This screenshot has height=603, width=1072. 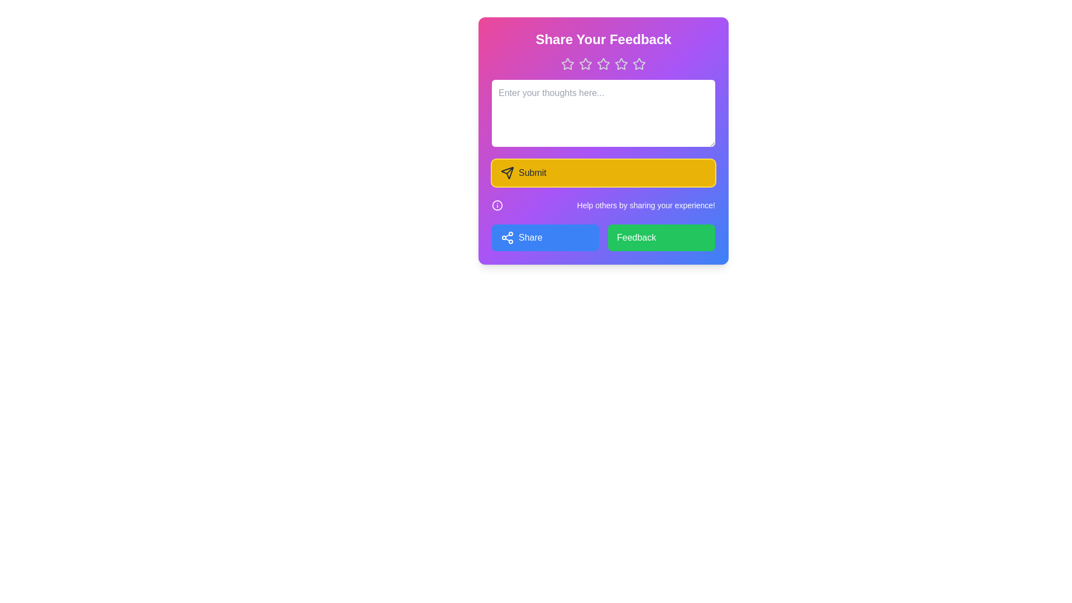 I want to click on the third star icon in the rating system, so click(x=585, y=64).